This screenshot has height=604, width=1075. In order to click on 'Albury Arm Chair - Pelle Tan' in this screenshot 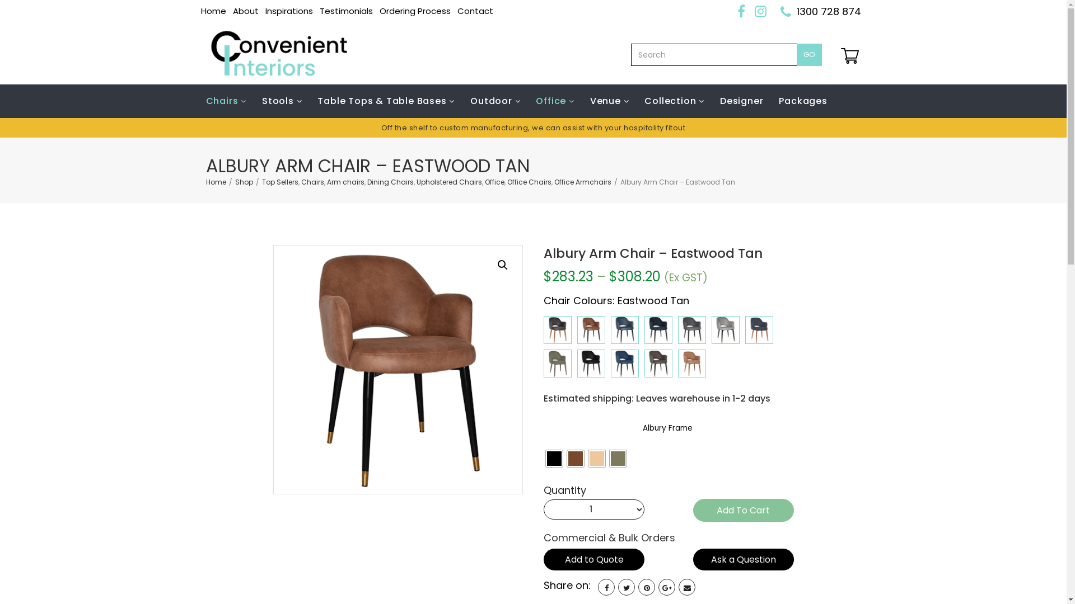, I will do `click(691, 364)`.